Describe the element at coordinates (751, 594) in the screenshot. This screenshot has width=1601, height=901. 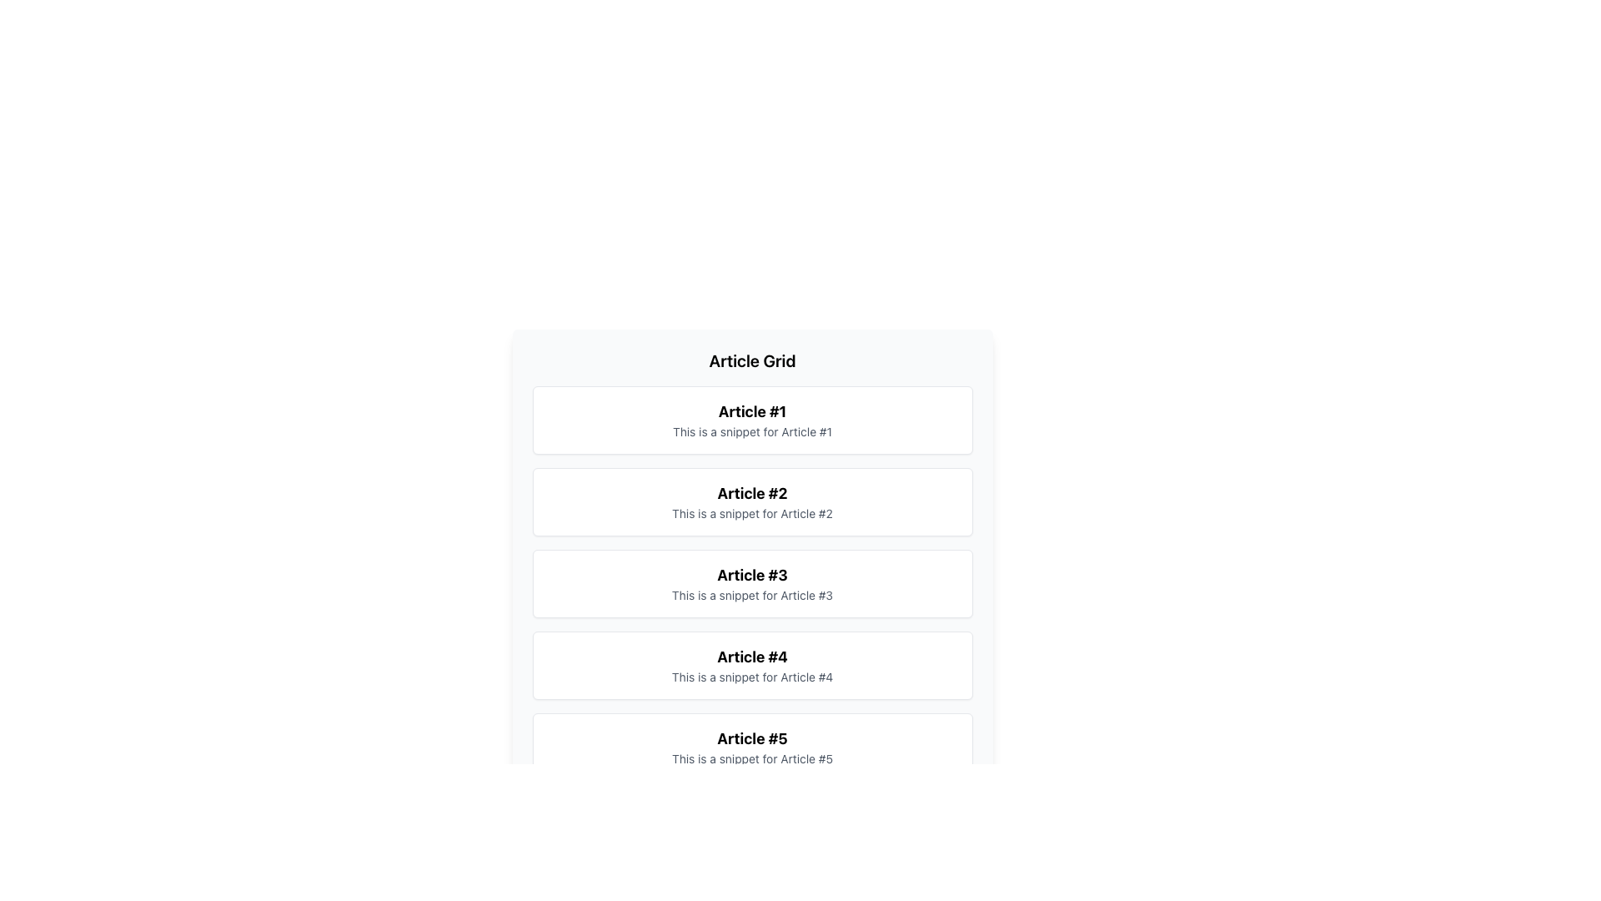
I see `the text label that reads 'This is a snippet for Article #3', located below the title 'Article #3'` at that location.